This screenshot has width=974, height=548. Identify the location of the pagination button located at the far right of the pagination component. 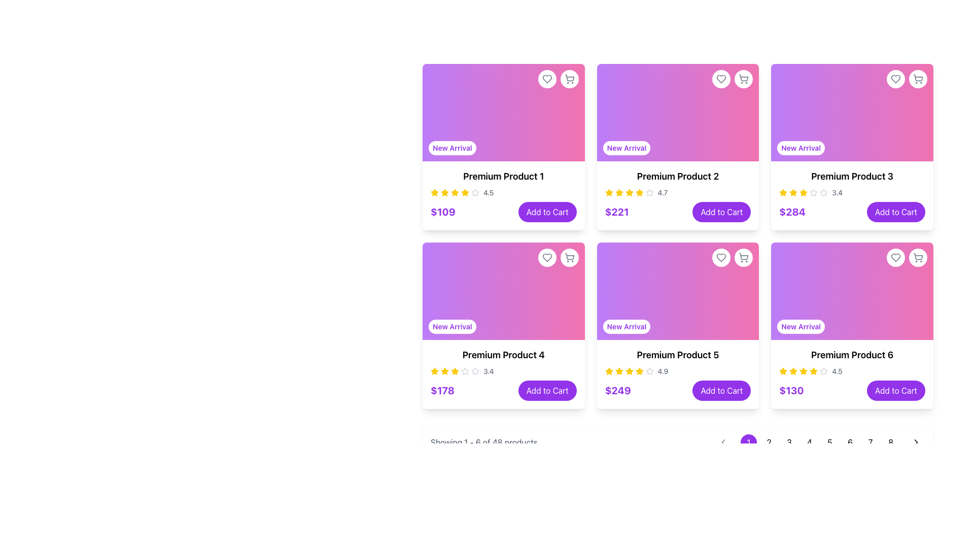
(916, 441).